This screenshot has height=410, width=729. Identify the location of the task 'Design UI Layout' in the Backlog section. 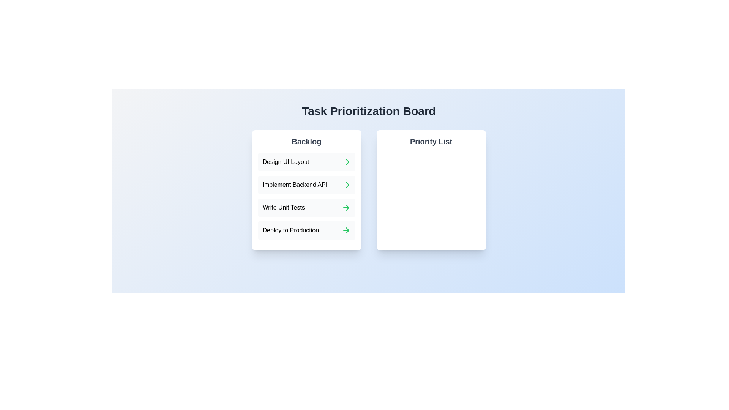
(285, 162).